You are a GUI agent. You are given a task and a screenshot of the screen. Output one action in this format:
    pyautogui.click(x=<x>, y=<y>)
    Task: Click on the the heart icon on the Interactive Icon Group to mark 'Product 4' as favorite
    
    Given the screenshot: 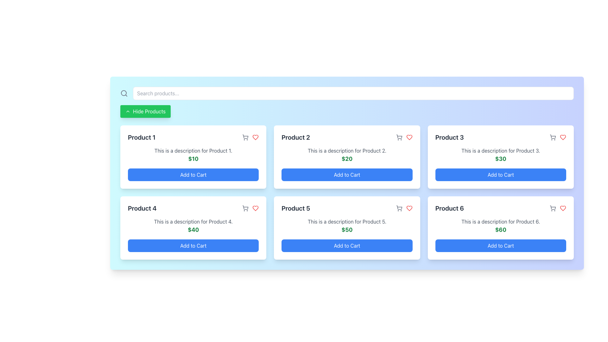 What is the action you would take?
    pyautogui.click(x=250, y=208)
    